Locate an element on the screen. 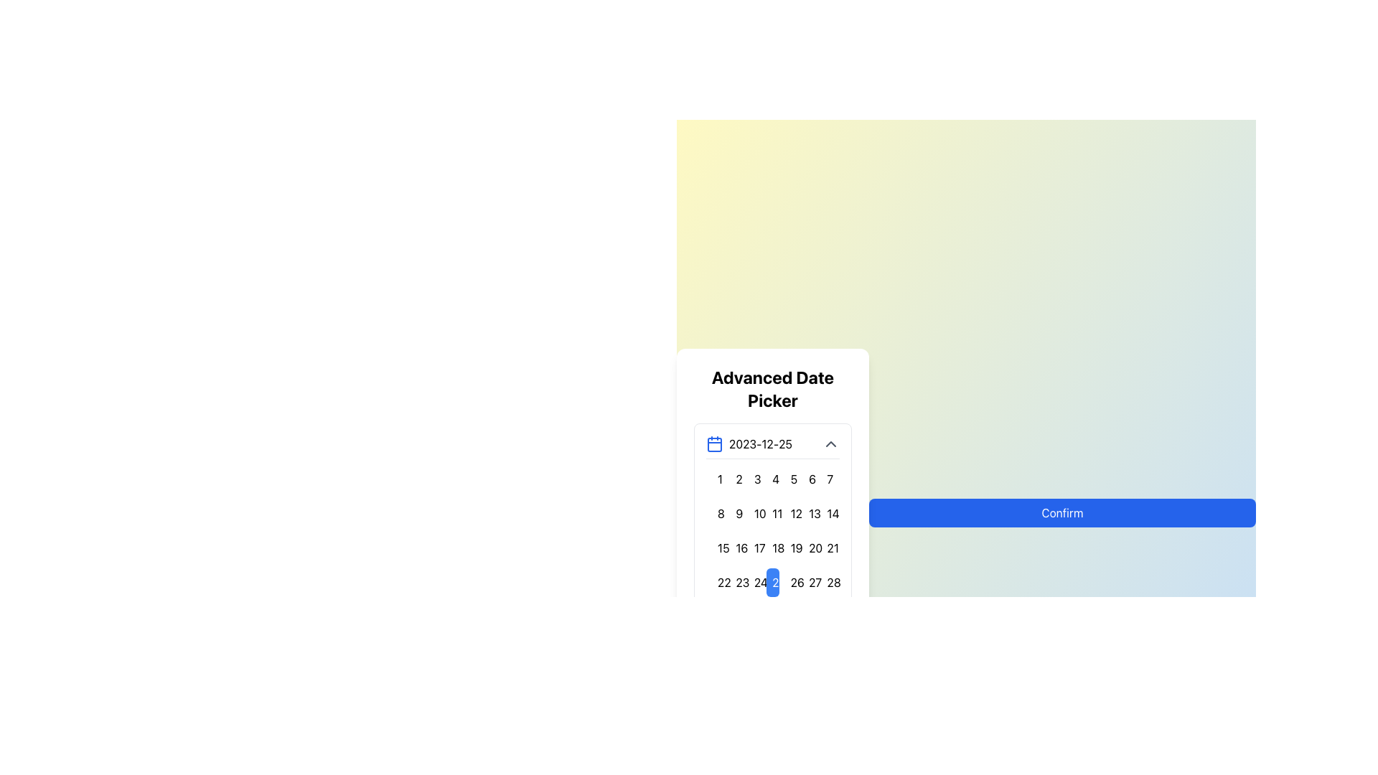 This screenshot has width=1378, height=775. the calendar date cell displaying the number '18' is located at coordinates (772, 548).